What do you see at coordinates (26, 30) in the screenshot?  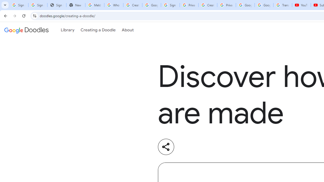 I see `'Google doodles'` at bounding box center [26, 30].